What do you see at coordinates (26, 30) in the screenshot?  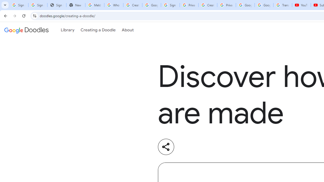 I see `'Google doodles'` at bounding box center [26, 30].